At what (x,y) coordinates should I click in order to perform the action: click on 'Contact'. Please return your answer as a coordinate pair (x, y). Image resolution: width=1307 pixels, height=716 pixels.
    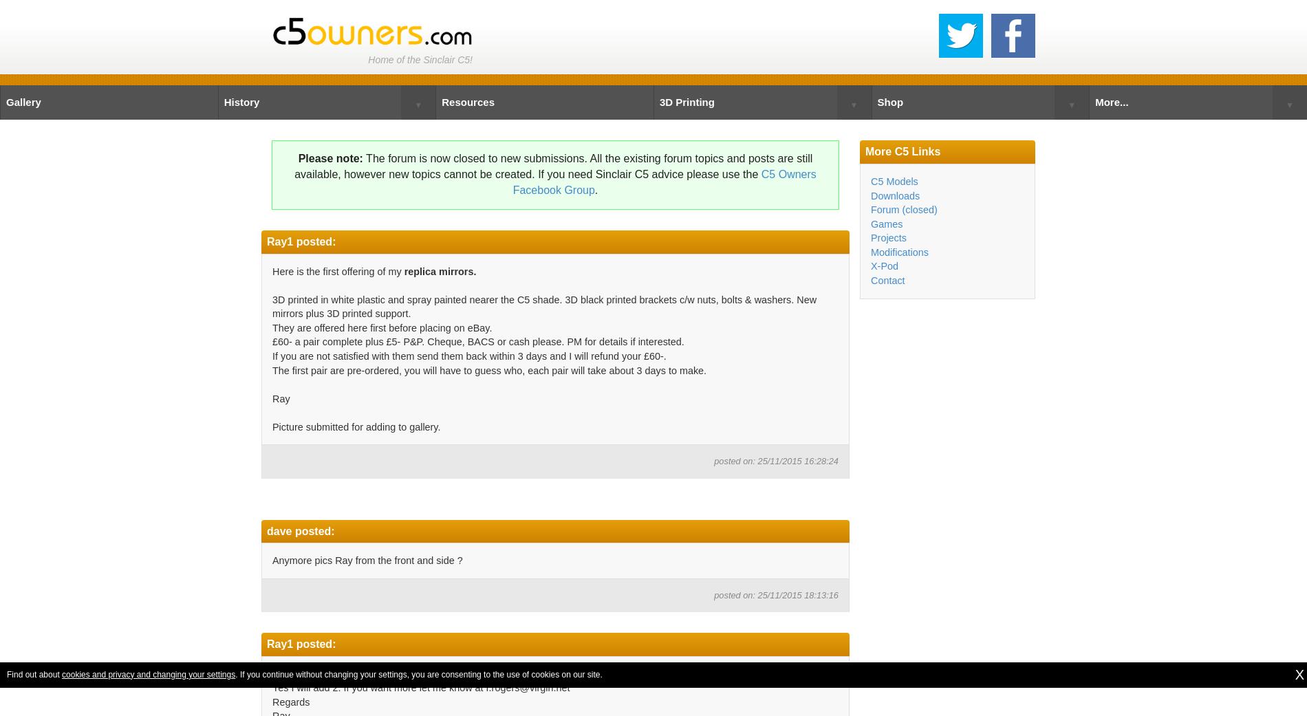
    Looking at the image, I should click on (869, 280).